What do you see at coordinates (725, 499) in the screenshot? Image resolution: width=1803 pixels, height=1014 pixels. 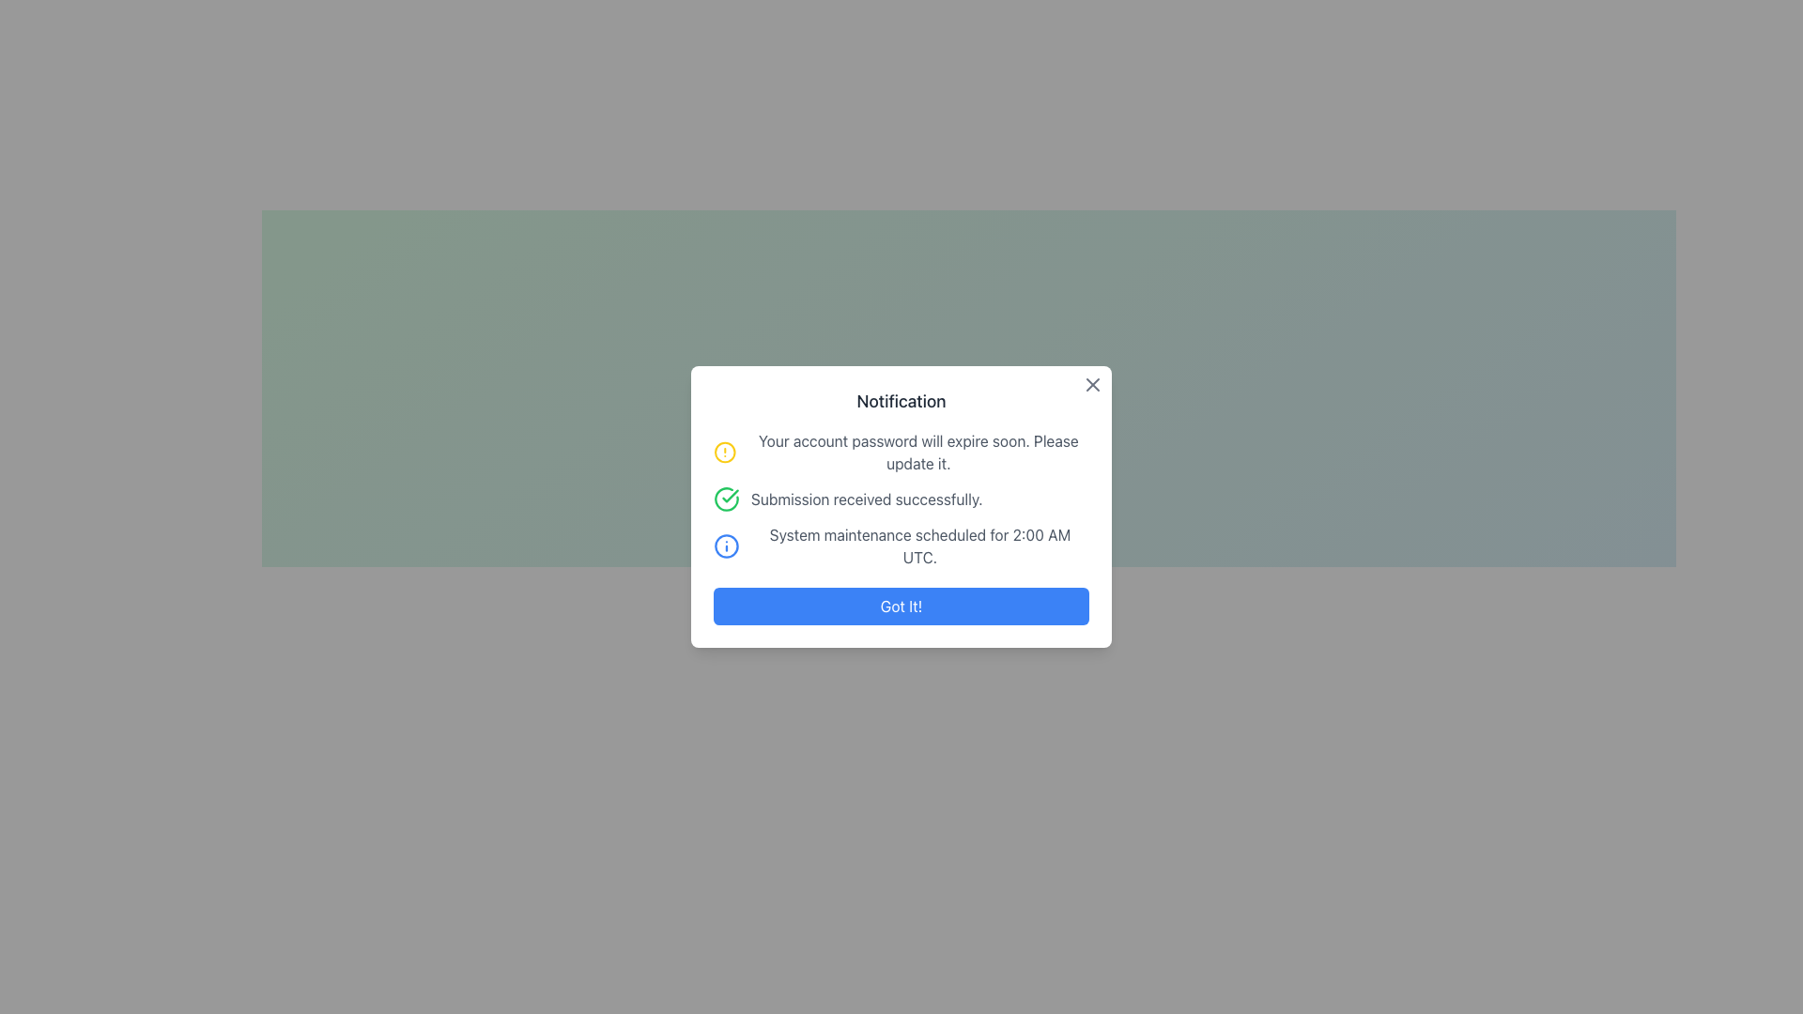 I see `the circular green checkmark icon located to the left of the text 'Submission received successfully'` at bounding box center [725, 499].